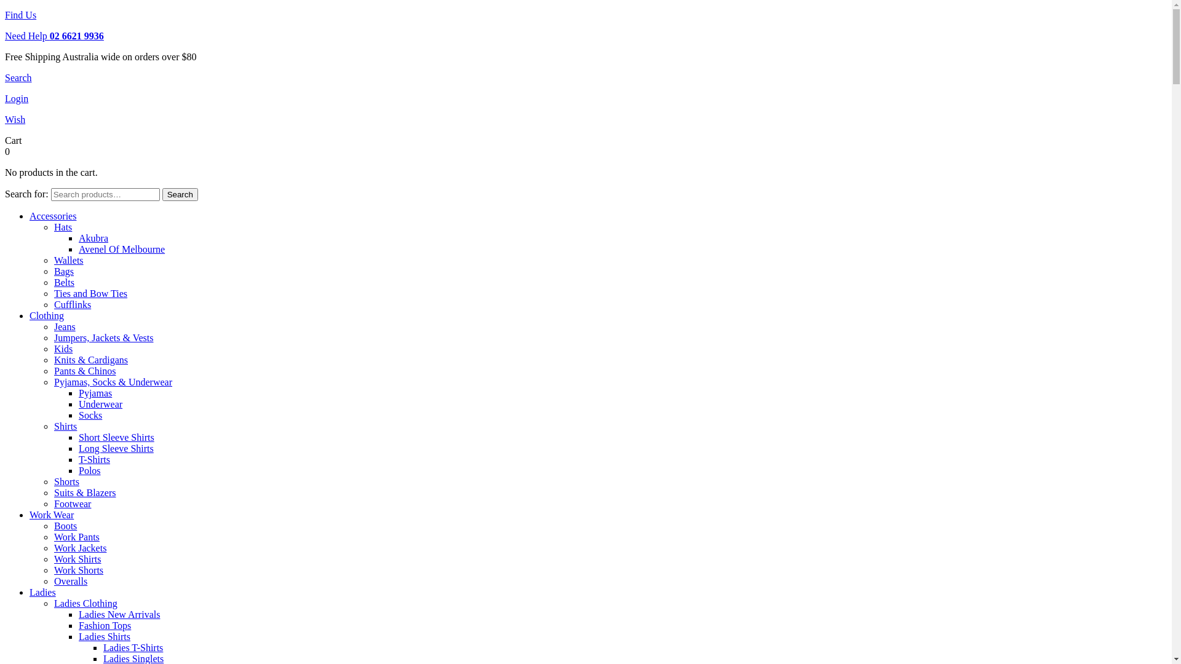 This screenshot has width=1181, height=664. Describe the element at coordinates (113, 381) in the screenshot. I see `'Pyjamas, Socks & Underwear'` at that location.